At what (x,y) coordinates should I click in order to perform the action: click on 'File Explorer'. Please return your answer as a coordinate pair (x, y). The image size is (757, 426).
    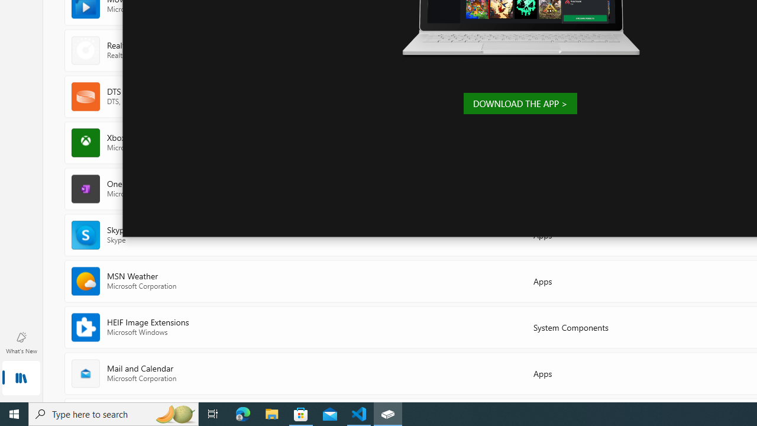
    Looking at the image, I should click on (271, 413).